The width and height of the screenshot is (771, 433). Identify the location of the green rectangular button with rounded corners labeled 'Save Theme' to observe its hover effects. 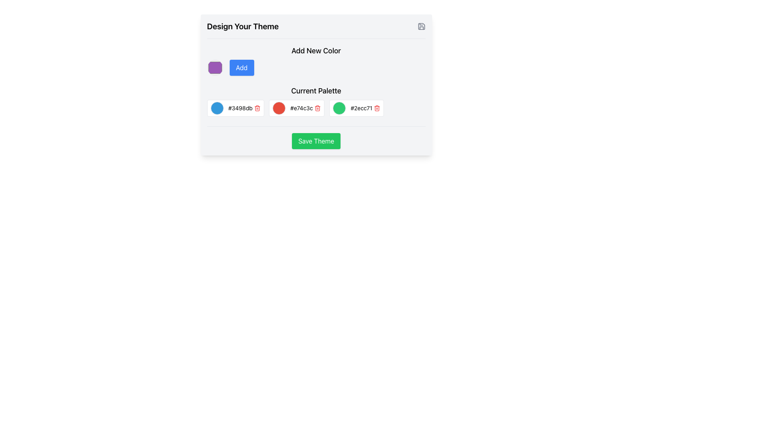
(316, 137).